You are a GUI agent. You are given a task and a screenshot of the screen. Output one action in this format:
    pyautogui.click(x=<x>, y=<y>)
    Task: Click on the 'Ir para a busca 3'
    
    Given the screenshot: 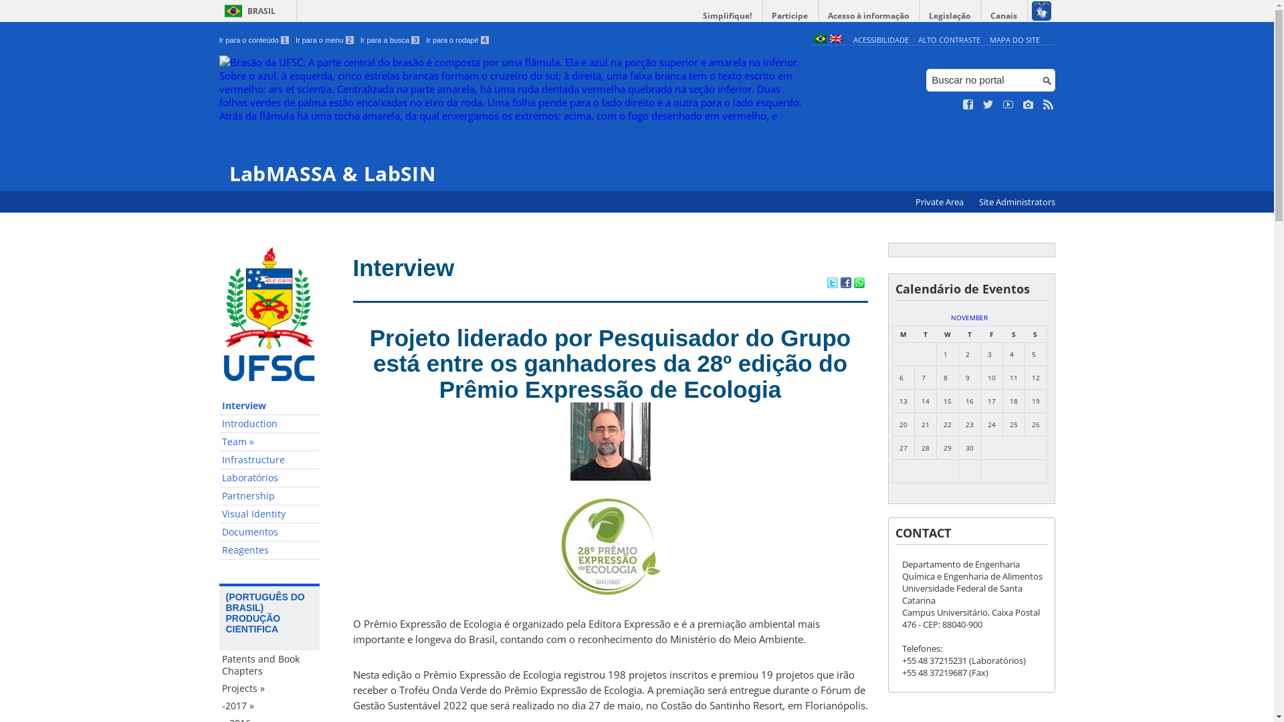 What is the action you would take?
    pyautogui.click(x=389, y=39)
    